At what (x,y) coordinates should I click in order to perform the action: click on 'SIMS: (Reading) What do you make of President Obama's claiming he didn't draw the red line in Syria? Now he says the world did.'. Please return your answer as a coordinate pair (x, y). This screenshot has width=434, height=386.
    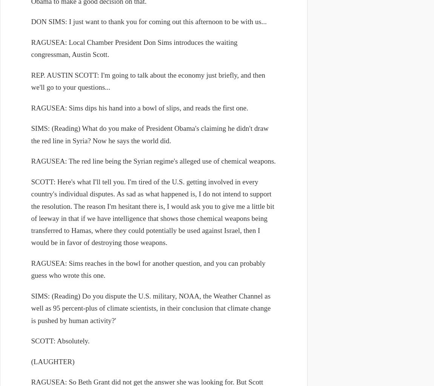
    Looking at the image, I should click on (149, 134).